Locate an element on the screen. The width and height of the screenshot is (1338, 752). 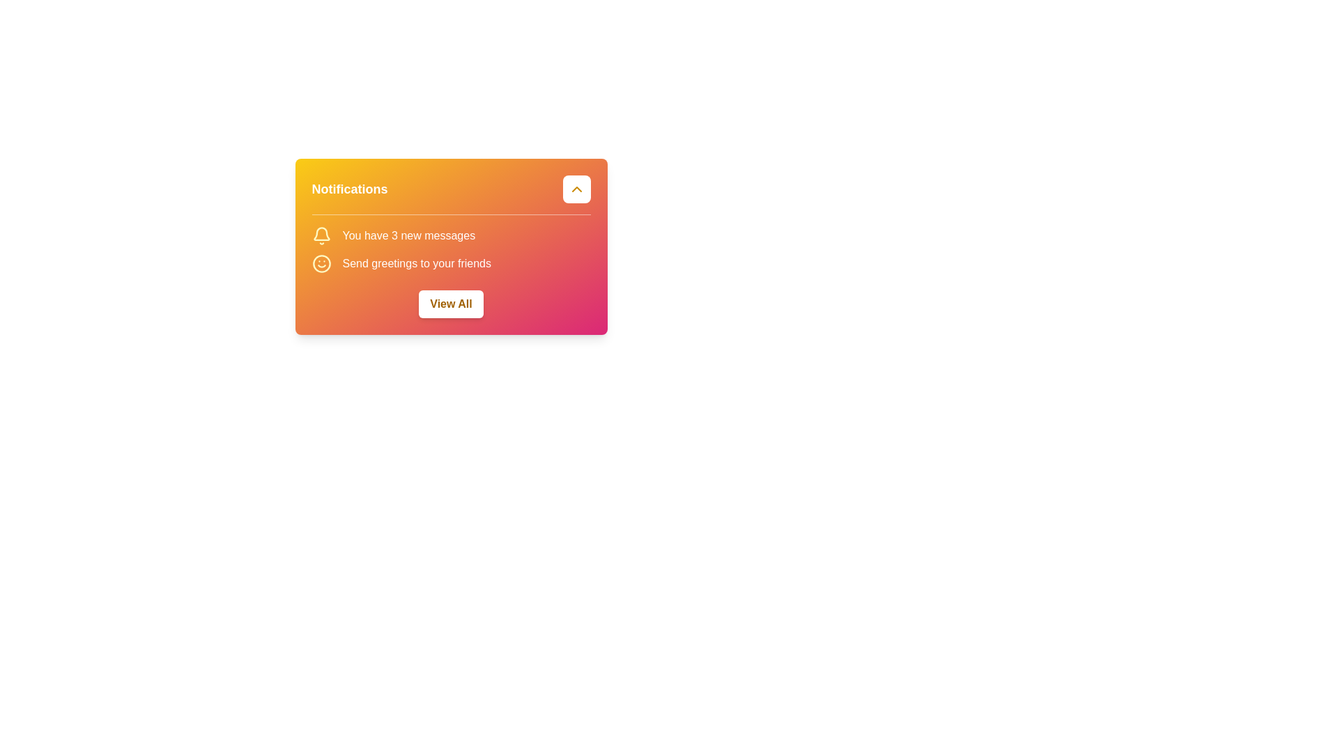
the Text label that informs the user about sending greetings to friends, positioned below the 'You have 3 new messages' line and above the 'View All' button is located at coordinates (416, 263).